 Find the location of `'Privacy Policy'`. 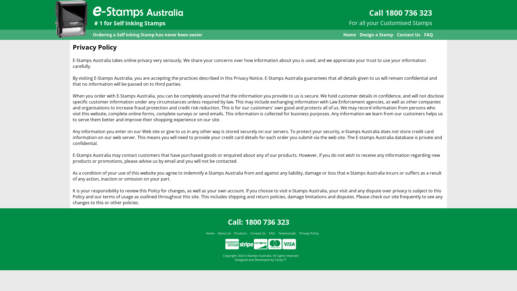

'Privacy Policy' is located at coordinates (309, 233).